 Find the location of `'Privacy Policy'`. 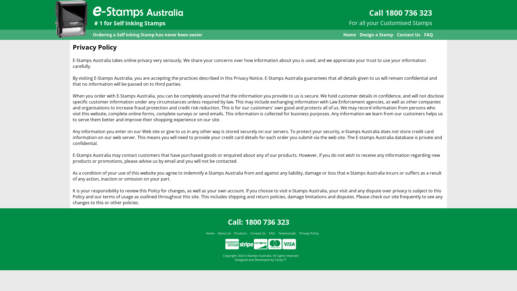

'Privacy Policy' is located at coordinates (309, 233).